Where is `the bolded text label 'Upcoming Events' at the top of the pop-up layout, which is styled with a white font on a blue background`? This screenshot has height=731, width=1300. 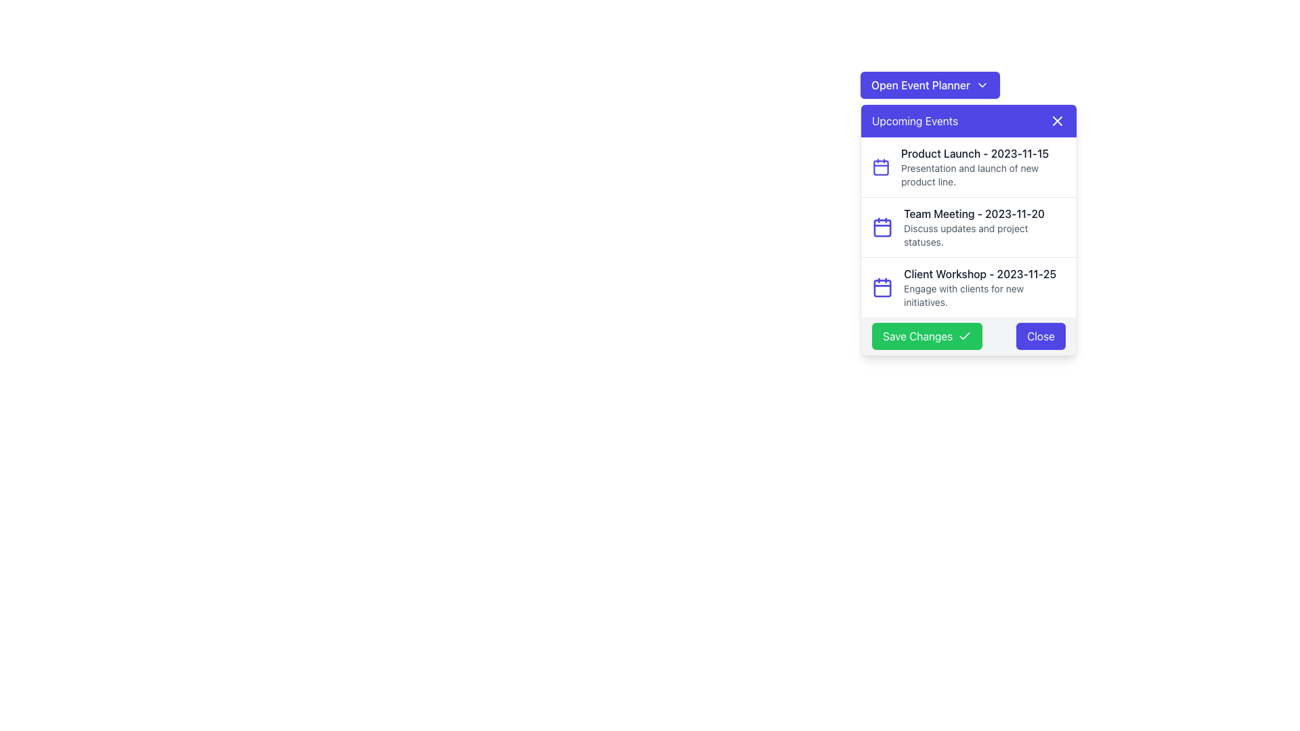
the bolded text label 'Upcoming Events' at the top of the pop-up layout, which is styled with a white font on a blue background is located at coordinates (915, 120).